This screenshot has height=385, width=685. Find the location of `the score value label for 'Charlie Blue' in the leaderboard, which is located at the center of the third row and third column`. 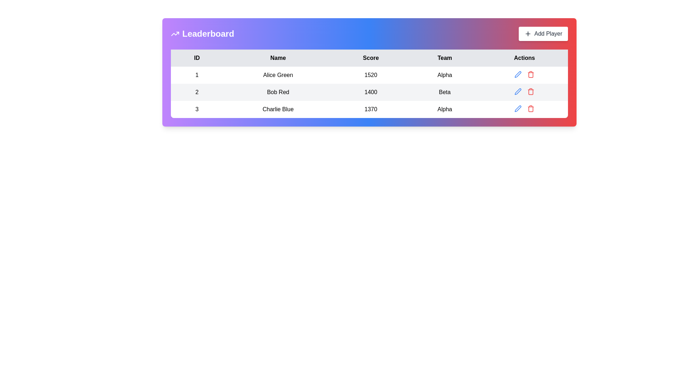

the score value label for 'Charlie Blue' in the leaderboard, which is located at the center of the third row and third column is located at coordinates (371, 109).